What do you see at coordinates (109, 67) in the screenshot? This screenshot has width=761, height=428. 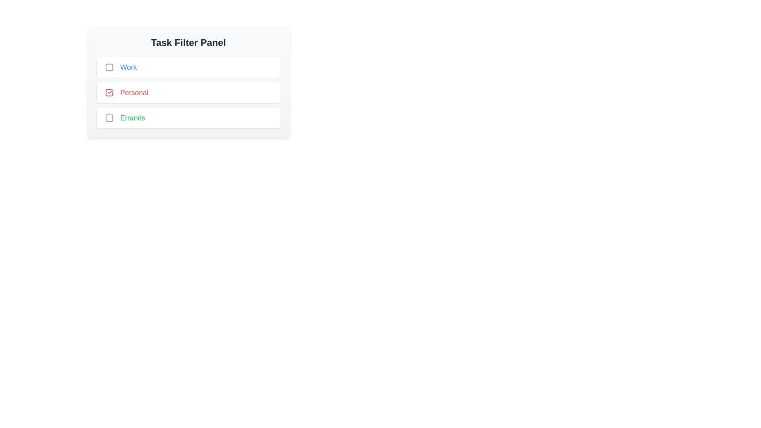 I see `the small square icon with a rounded border located within the first option of the task filter panel labeled 'Work', positioned towards the top-left of the panel` at bounding box center [109, 67].